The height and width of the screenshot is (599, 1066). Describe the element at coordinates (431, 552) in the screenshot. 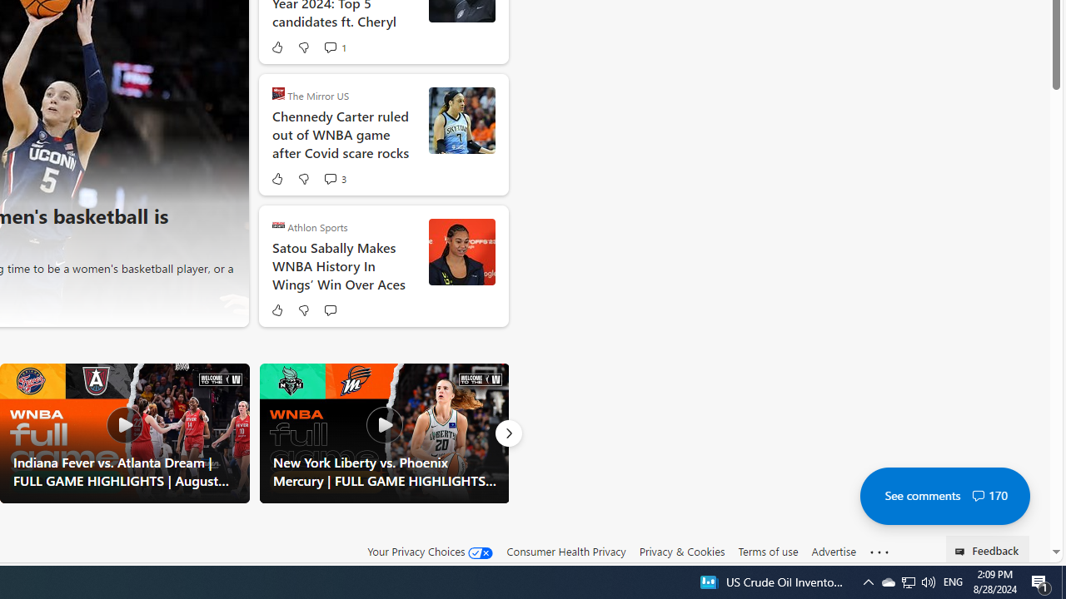

I see `'Your Privacy Choices'` at that location.